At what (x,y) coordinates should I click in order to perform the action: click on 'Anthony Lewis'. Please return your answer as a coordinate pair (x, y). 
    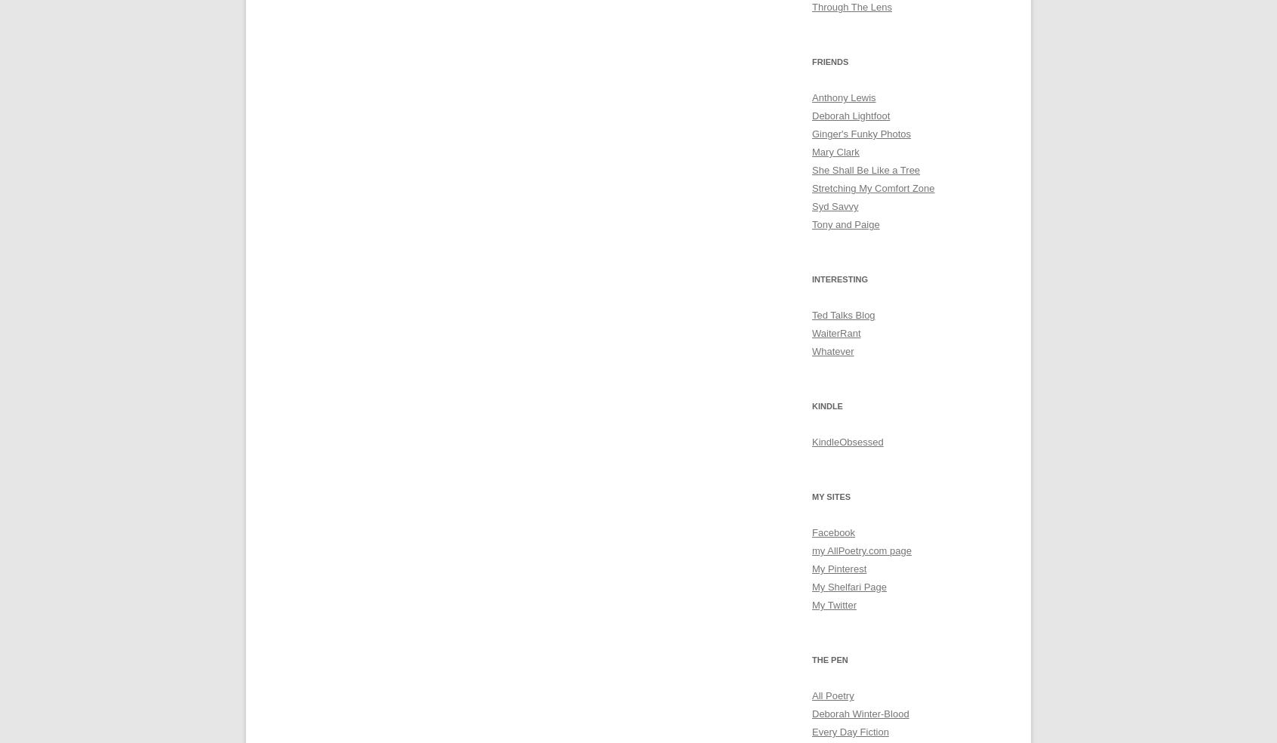
    Looking at the image, I should click on (844, 97).